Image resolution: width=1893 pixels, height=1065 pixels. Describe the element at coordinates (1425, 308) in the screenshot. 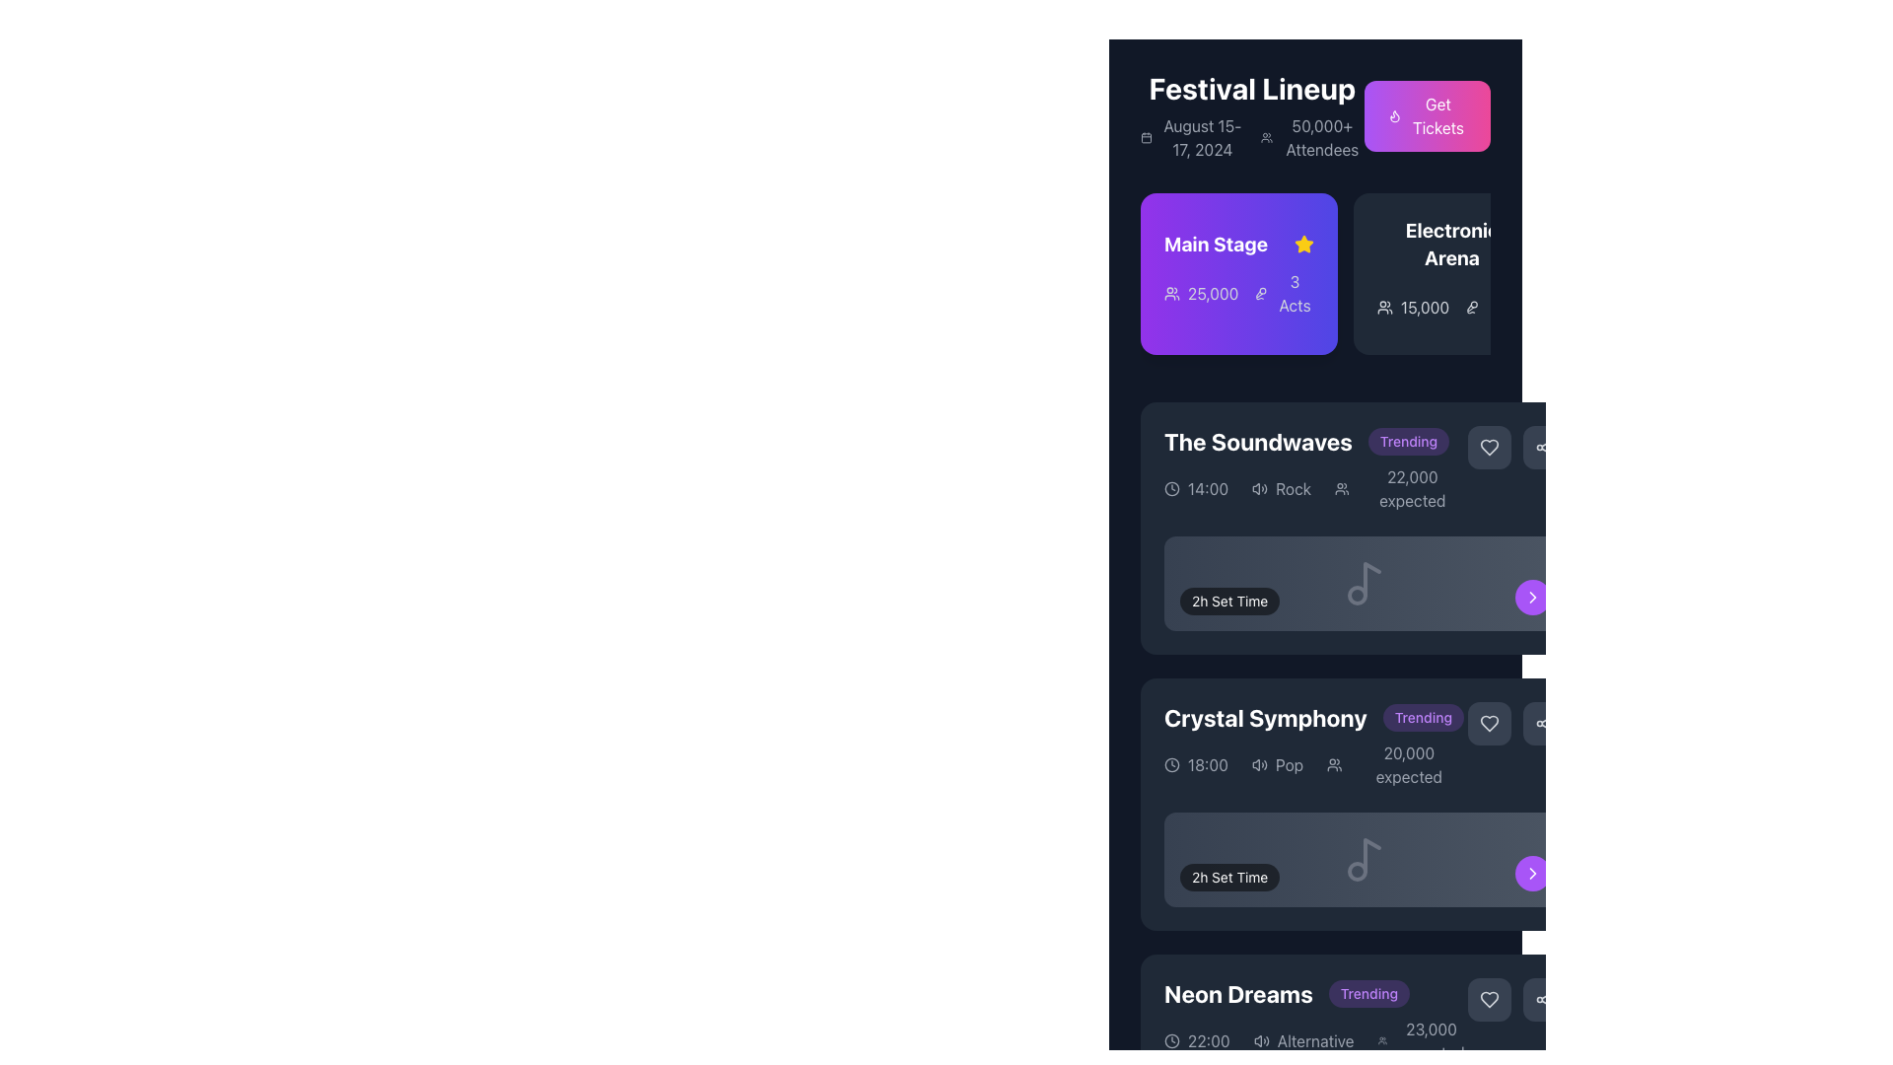

I see `number of attendees displayed in the Text Label for the 'Electronic Arena' event, located to the right of the user icon in the top portion of the interface` at that location.